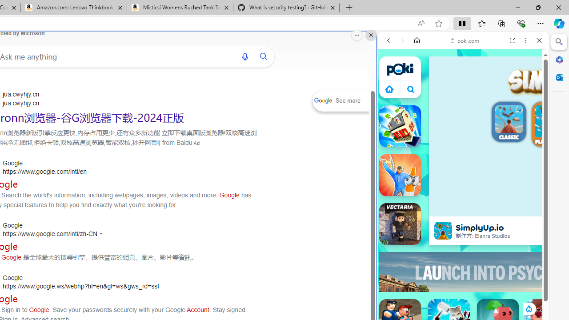 Image resolution: width=569 pixels, height=320 pixels. I want to click on 'Class: rCs5cyEiqiTpYvt_VBCR', so click(529, 308).